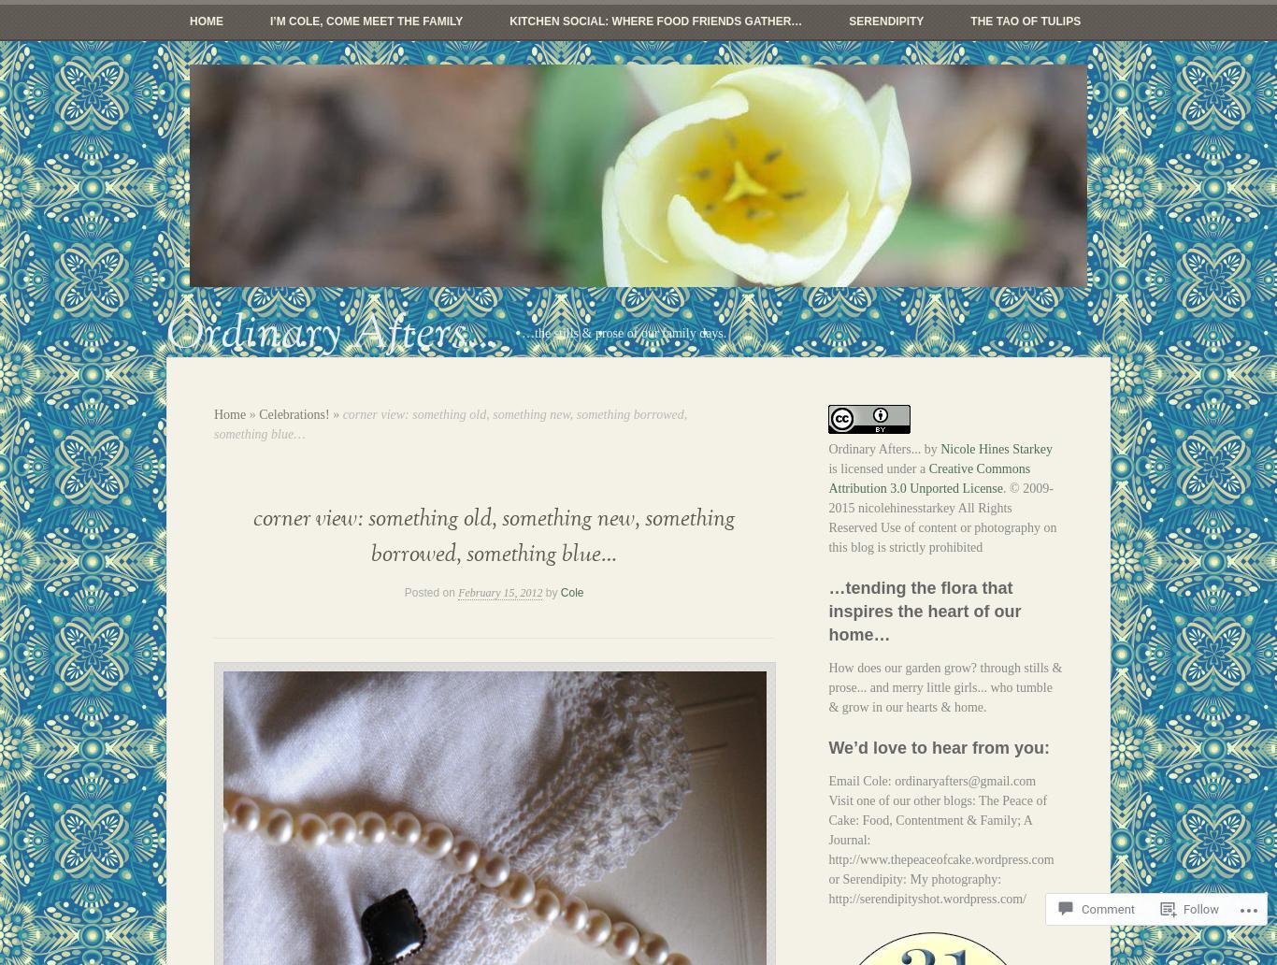 This screenshot has width=1277, height=965. Describe the element at coordinates (941, 517) in the screenshot. I see `'.


© 2009-2015 nicolehinesstarkey All Rights Reserved Use of content or photography on this blog is strictly prohibited'` at that location.